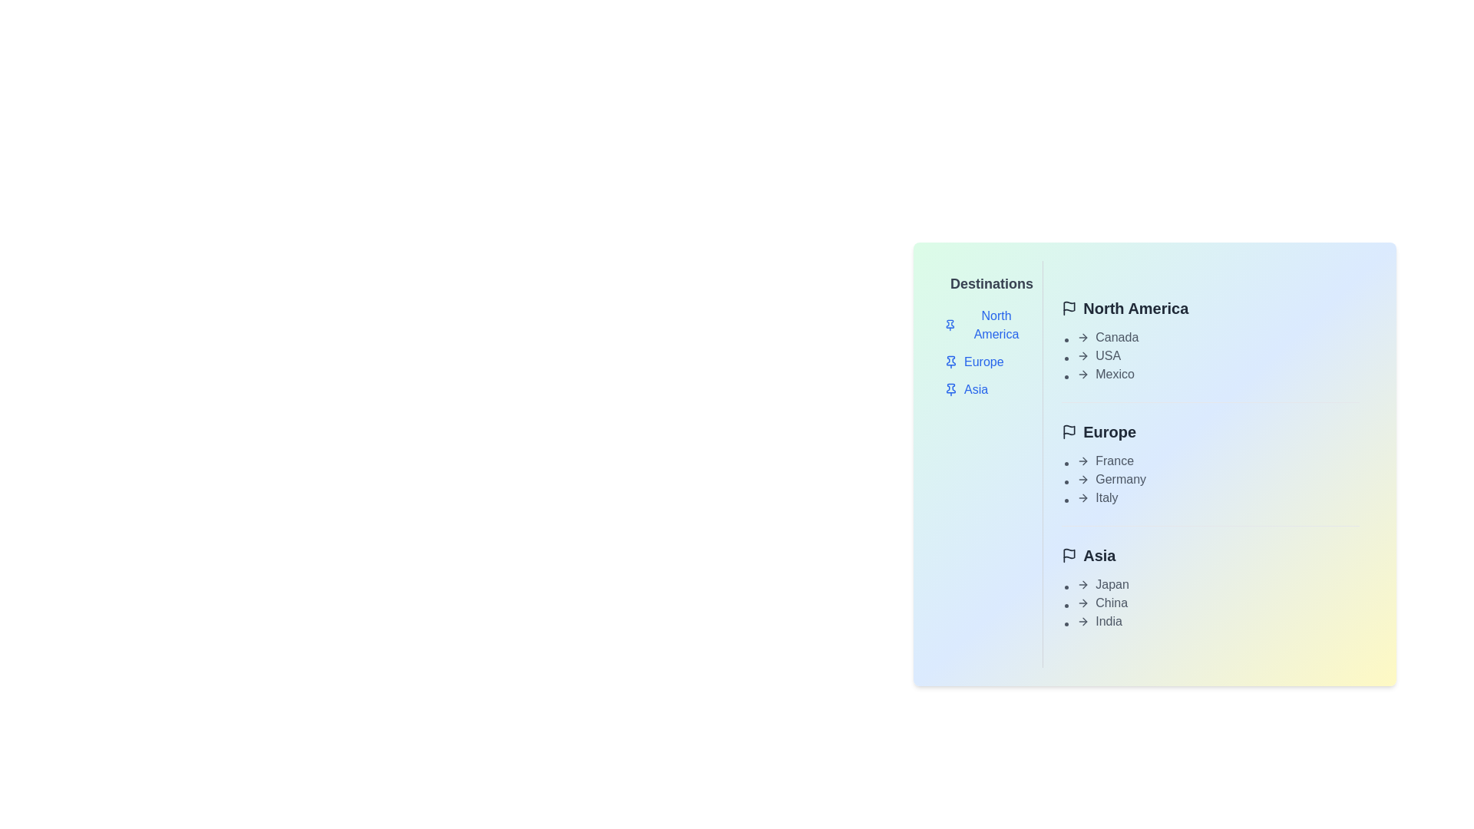 This screenshot has height=829, width=1474. I want to click on information presented in the 'North America' section, which includes the title in bold and an indented list of countries (Canada, USA, and Mexico) with arrow icons, so click(1210, 339).